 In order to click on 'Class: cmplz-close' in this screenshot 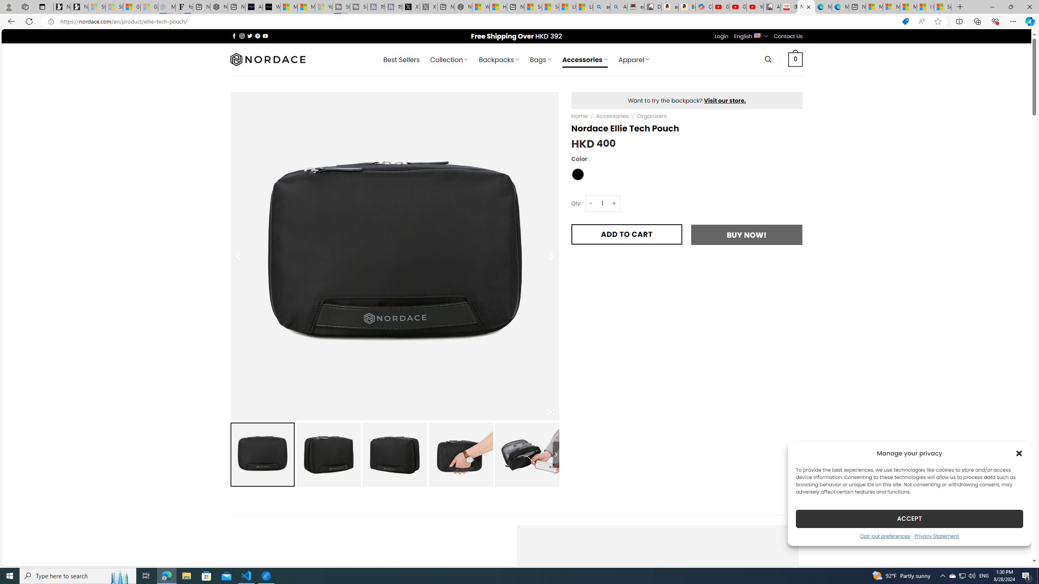, I will do `click(1019, 453)`.